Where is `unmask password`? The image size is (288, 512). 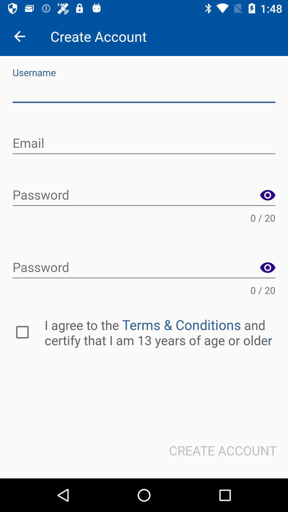 unmask password is located at coordinates (267, 268).